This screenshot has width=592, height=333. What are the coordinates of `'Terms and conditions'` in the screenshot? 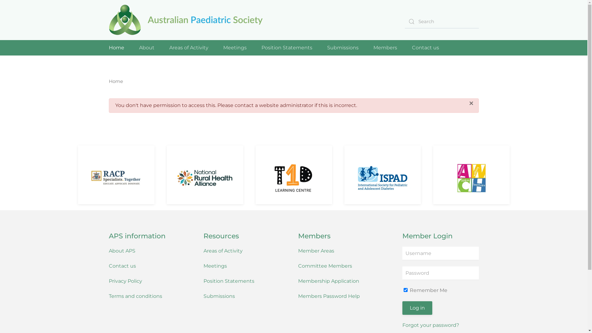 It's located at (135, 296).